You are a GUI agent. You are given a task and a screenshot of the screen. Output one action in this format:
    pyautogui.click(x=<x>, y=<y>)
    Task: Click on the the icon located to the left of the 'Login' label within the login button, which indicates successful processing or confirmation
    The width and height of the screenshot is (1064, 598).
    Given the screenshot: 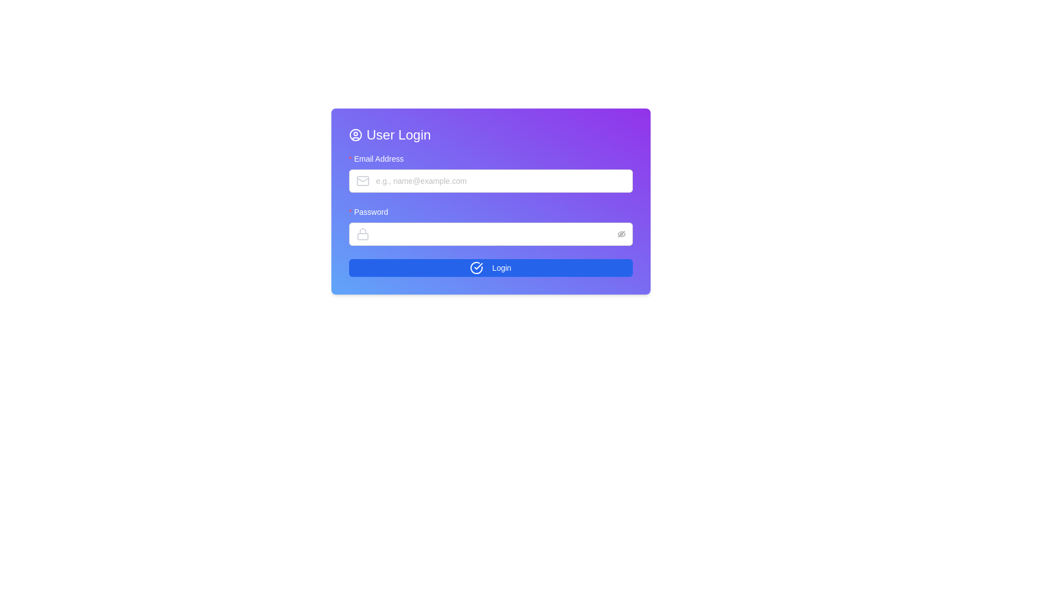 What is the action you would take?
    pyautogui.click(x=477, y=267)
    